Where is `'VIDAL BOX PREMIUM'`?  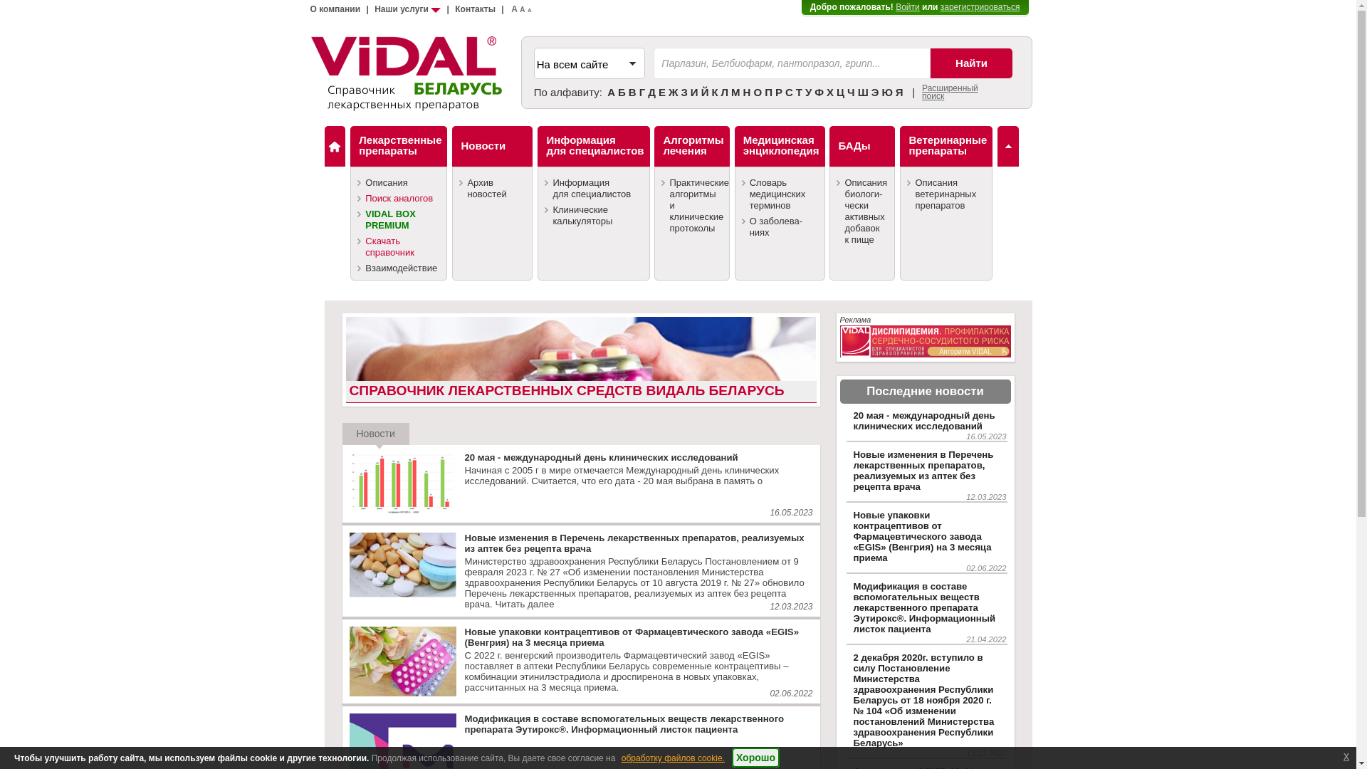 'VIDAL BOX PREMIUM' is located at coordinates (399, 219).